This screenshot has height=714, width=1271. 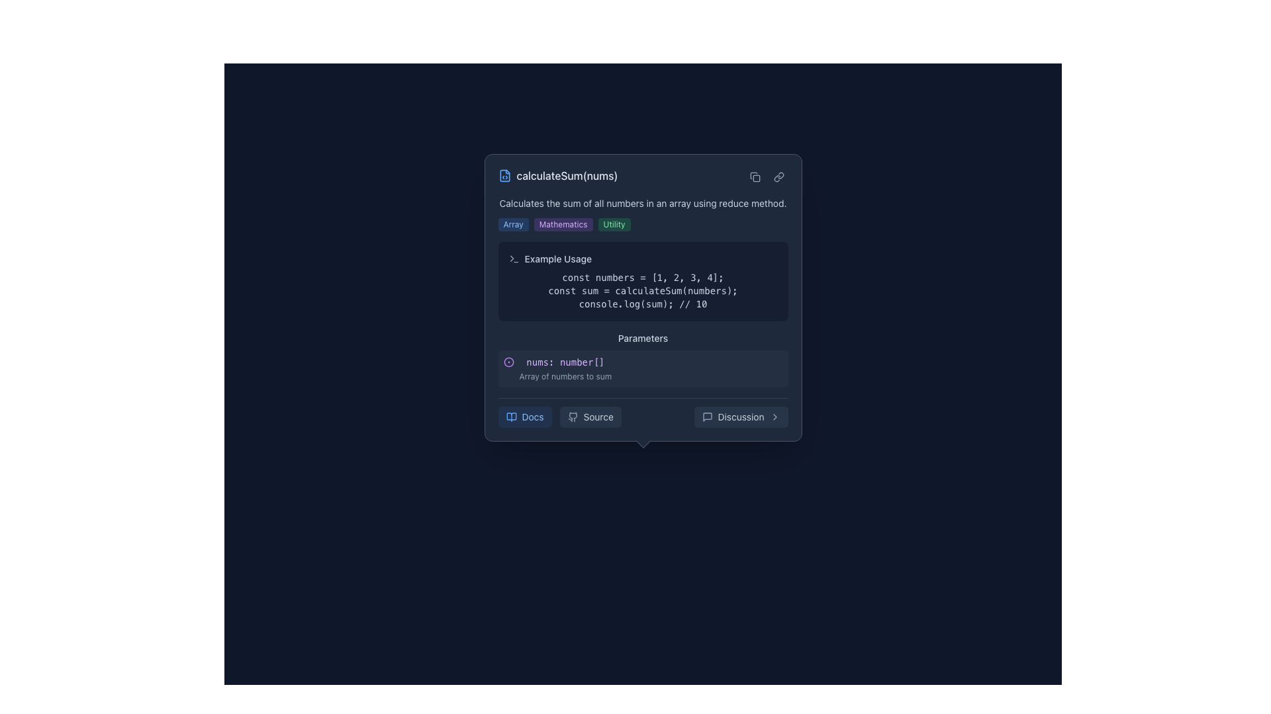 I want to click on the button located at the top right corner of the smaller card component, which is the second button in a horizontal row, so click(x=778, y=176).